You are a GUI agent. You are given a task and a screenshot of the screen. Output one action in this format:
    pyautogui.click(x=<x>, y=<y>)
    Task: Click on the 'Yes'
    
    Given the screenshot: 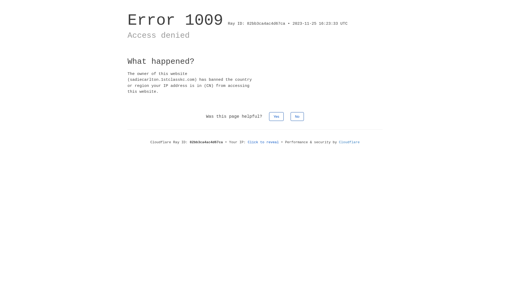 What is the action you would take?
    pyautogui.click(x=276, y=116)
    